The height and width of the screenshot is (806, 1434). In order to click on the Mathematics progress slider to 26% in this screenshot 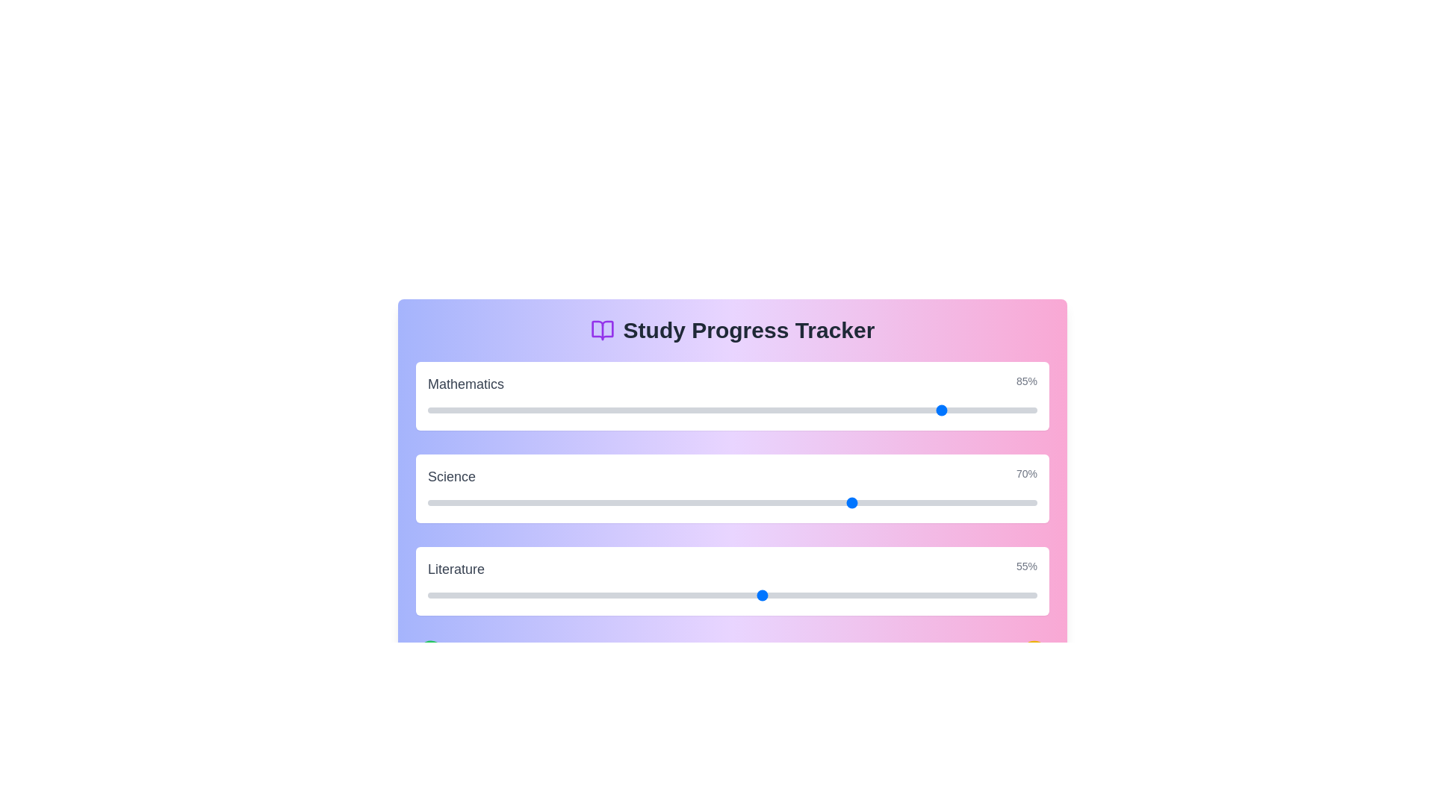, I will do `click(586, 410)`.